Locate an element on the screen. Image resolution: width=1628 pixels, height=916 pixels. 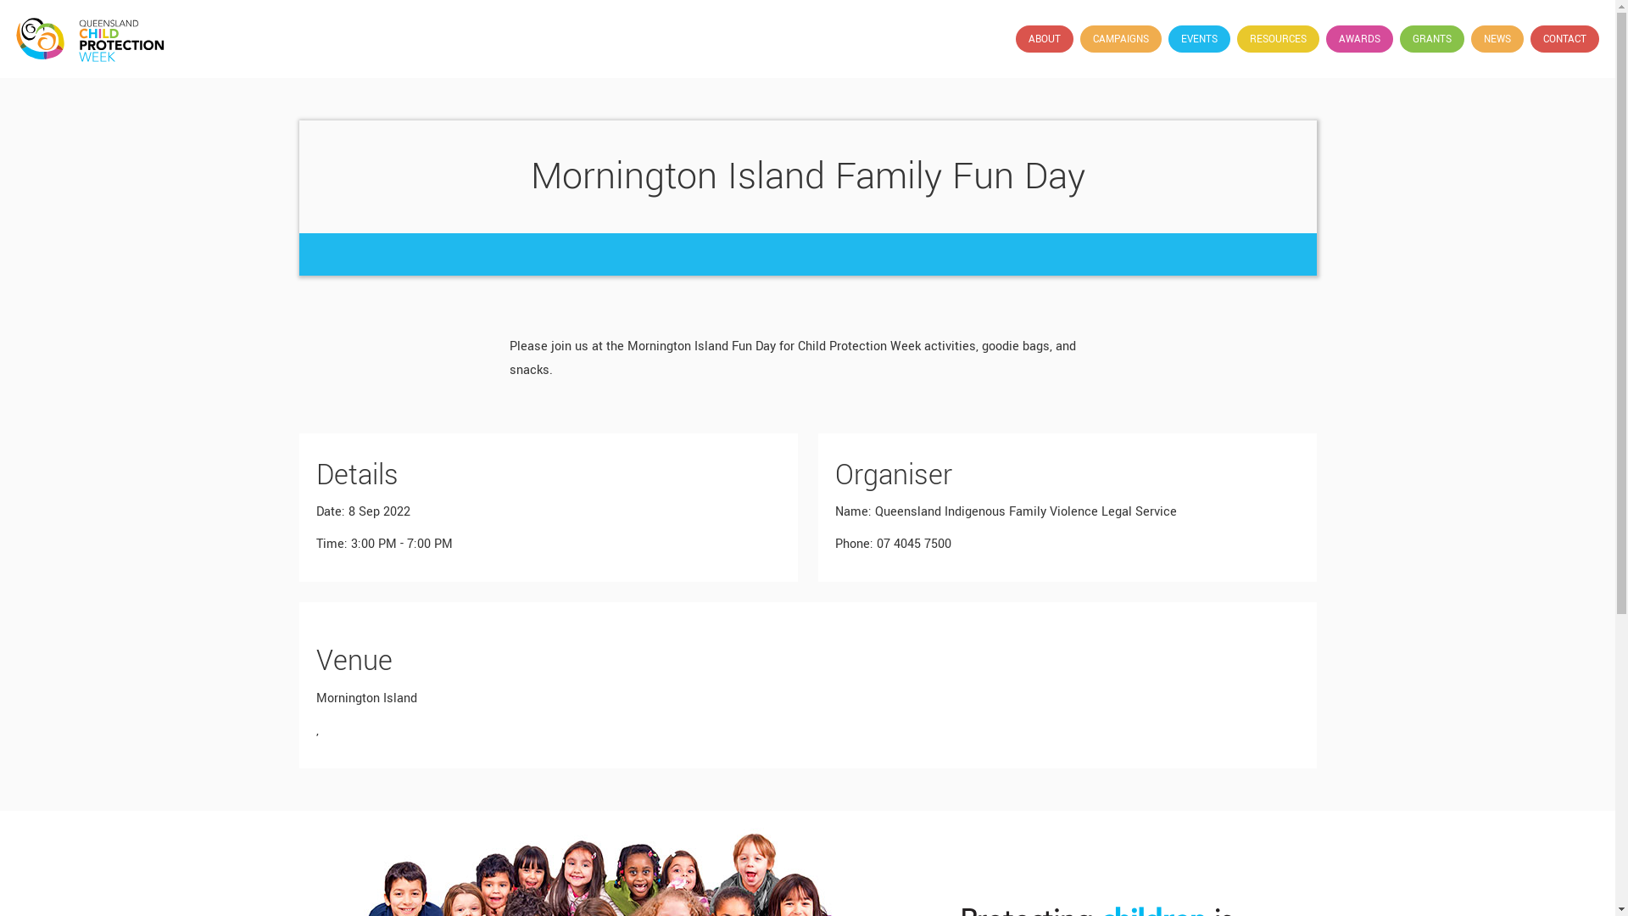
'CONTACT' is located at coordinates (1564, 38).